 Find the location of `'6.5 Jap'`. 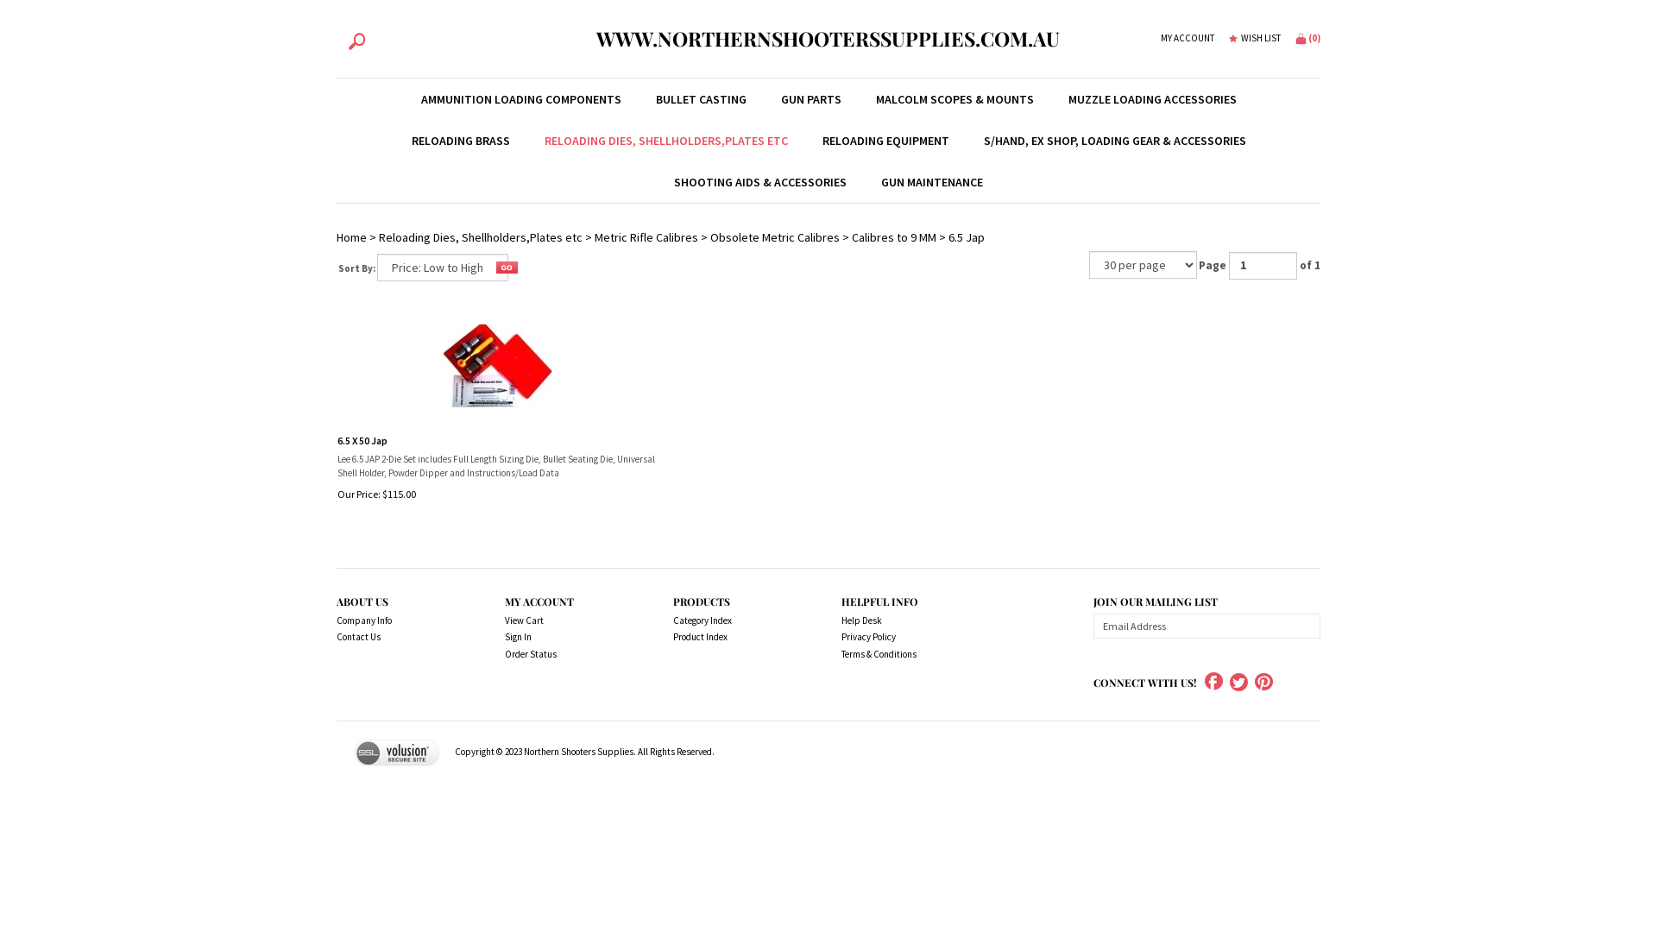

'6.5 Jap' is located at coordinates (965, 236).